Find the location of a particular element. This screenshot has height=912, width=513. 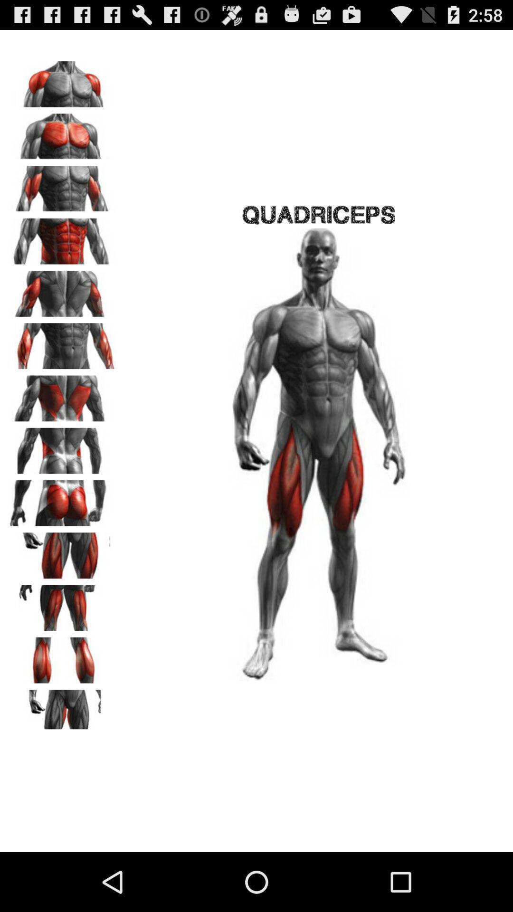

selecting one part of legs is located at coordinates (62, 709).